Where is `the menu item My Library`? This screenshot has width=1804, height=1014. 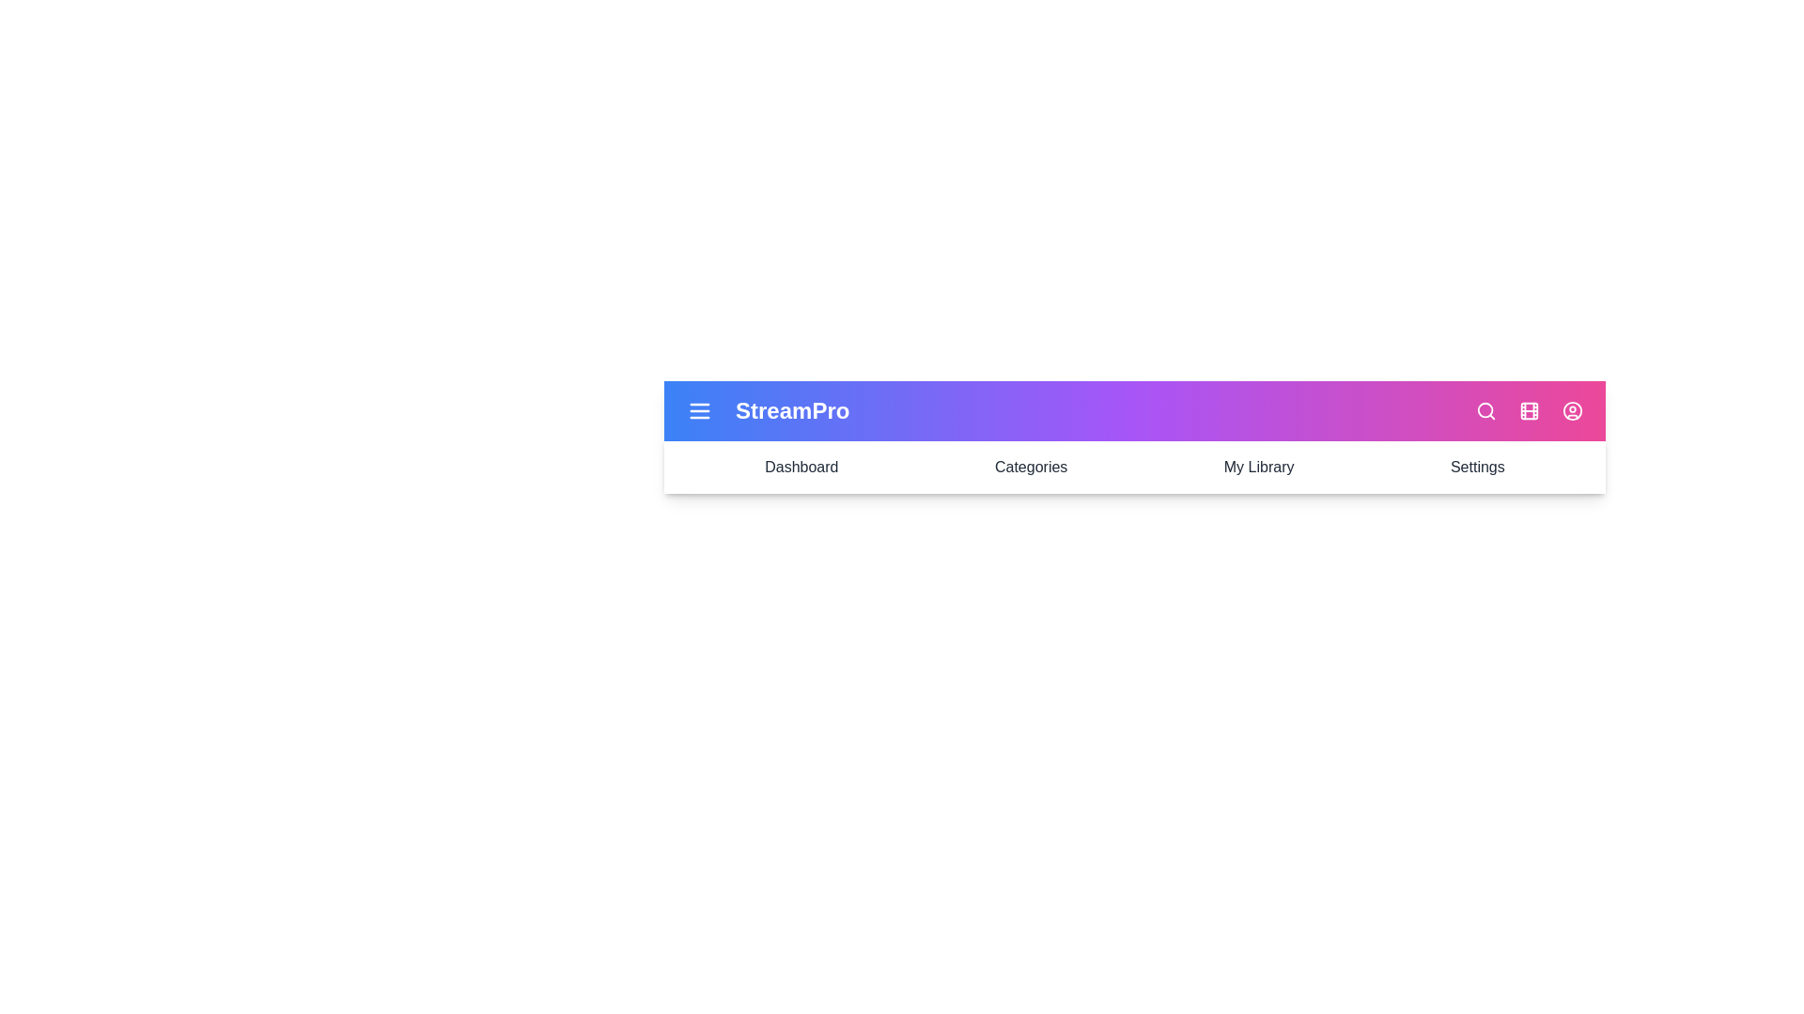 the menu item My Library is located at coordinates (1259, 466).